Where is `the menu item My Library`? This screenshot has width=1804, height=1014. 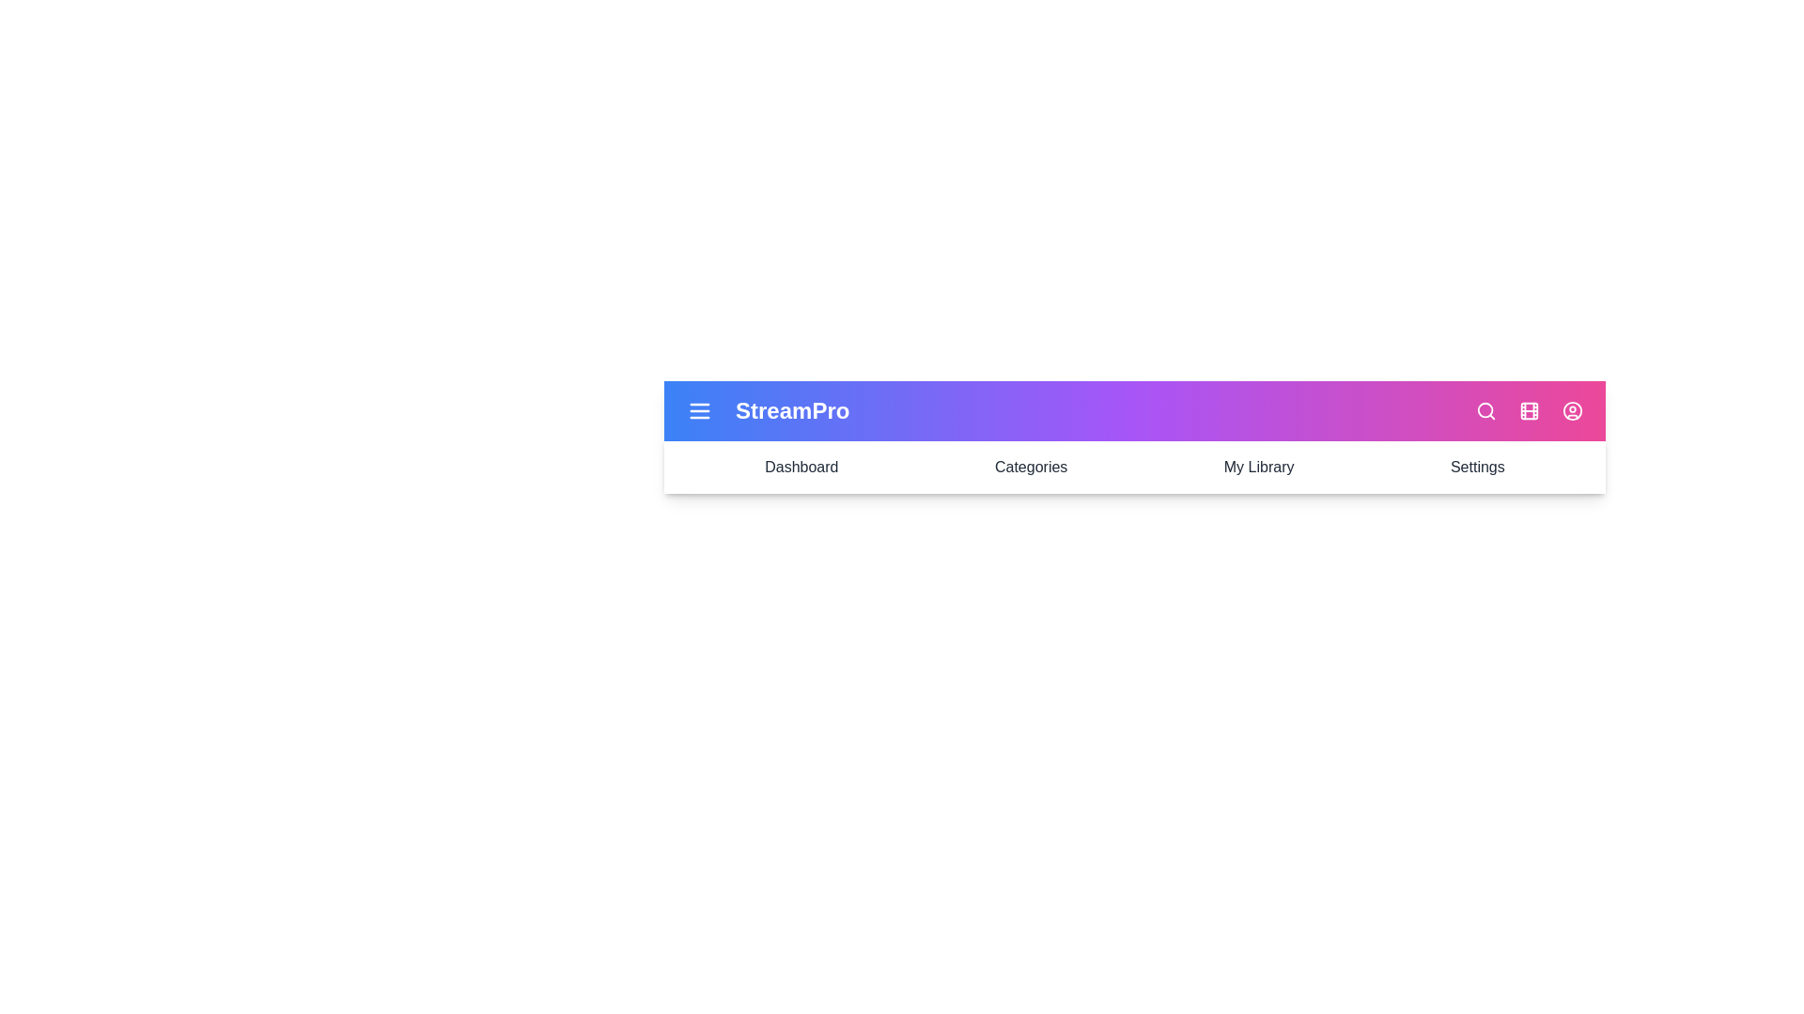 the menu item My Library is located at coordinates (1259, 466).